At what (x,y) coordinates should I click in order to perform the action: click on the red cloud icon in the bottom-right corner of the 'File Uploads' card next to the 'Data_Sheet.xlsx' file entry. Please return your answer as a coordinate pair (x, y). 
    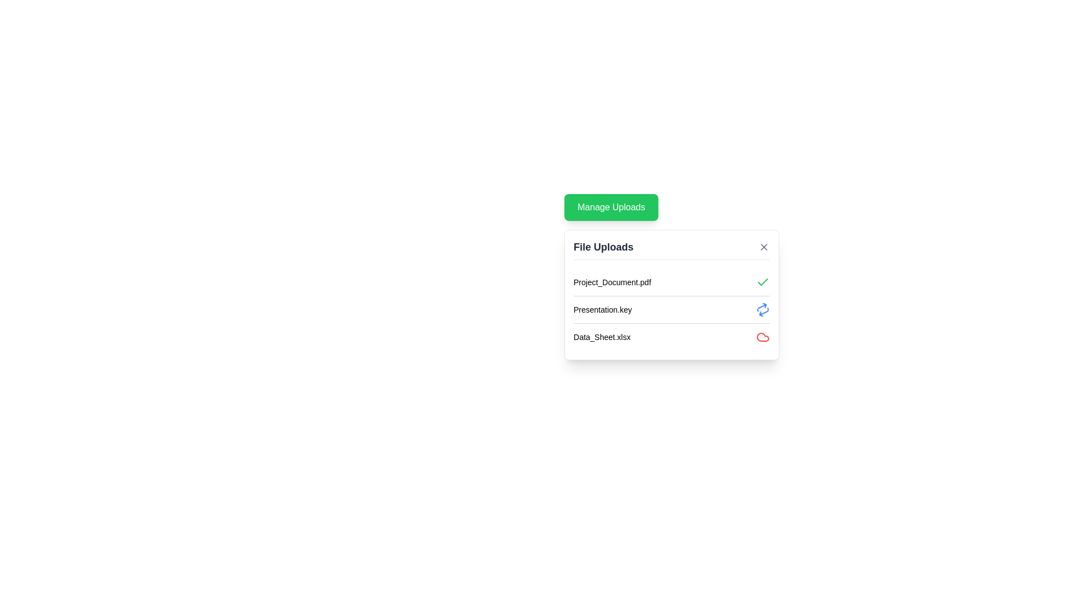
    Looking at the image, I should click on (762, 336).